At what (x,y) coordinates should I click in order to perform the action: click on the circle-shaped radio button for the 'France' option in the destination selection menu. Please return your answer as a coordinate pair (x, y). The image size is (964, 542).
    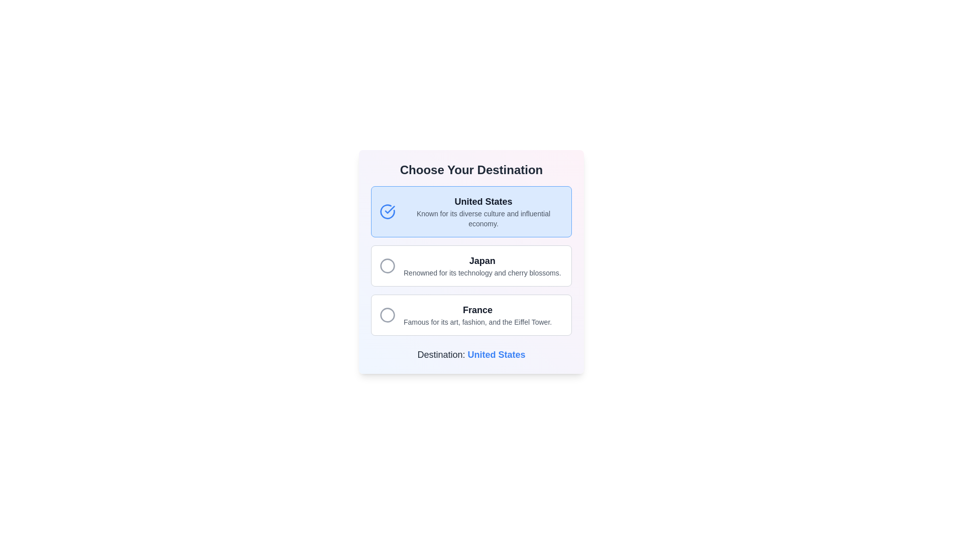
    Looking at the image, I should click on (387, 315).